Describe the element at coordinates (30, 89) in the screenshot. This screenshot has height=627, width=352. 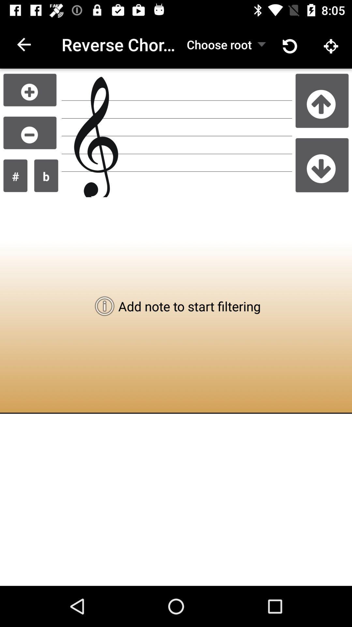
I see `input` at that location.